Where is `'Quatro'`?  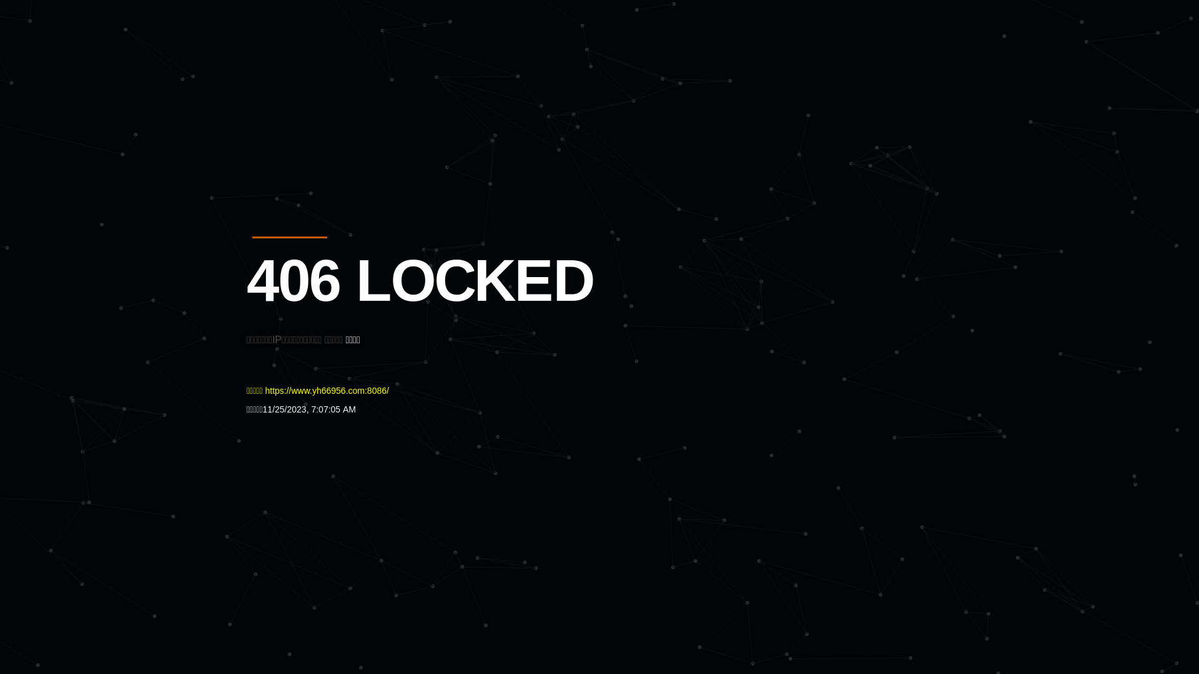
'Quatro' is located at coordinates (338, 71).